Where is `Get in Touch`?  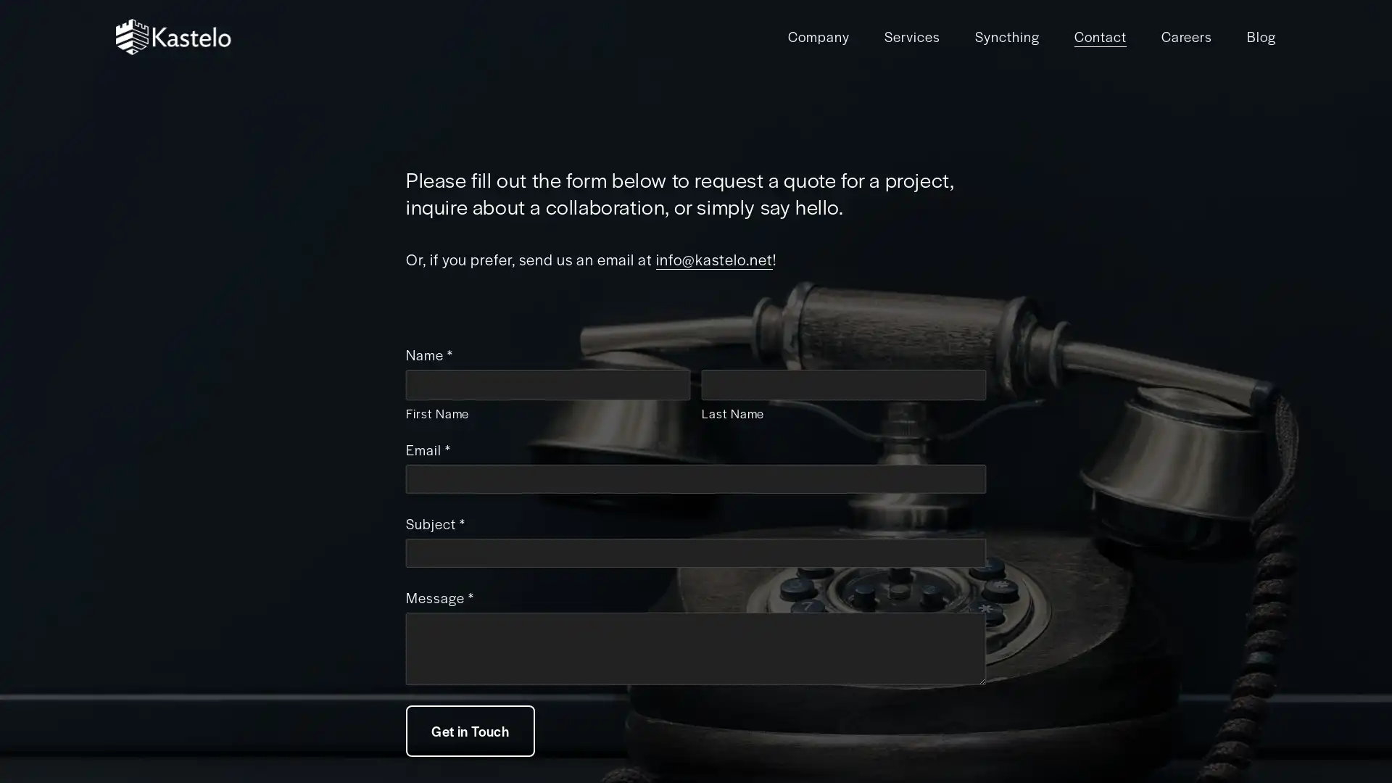 Get in Touch is located at coordinates (470, 747).